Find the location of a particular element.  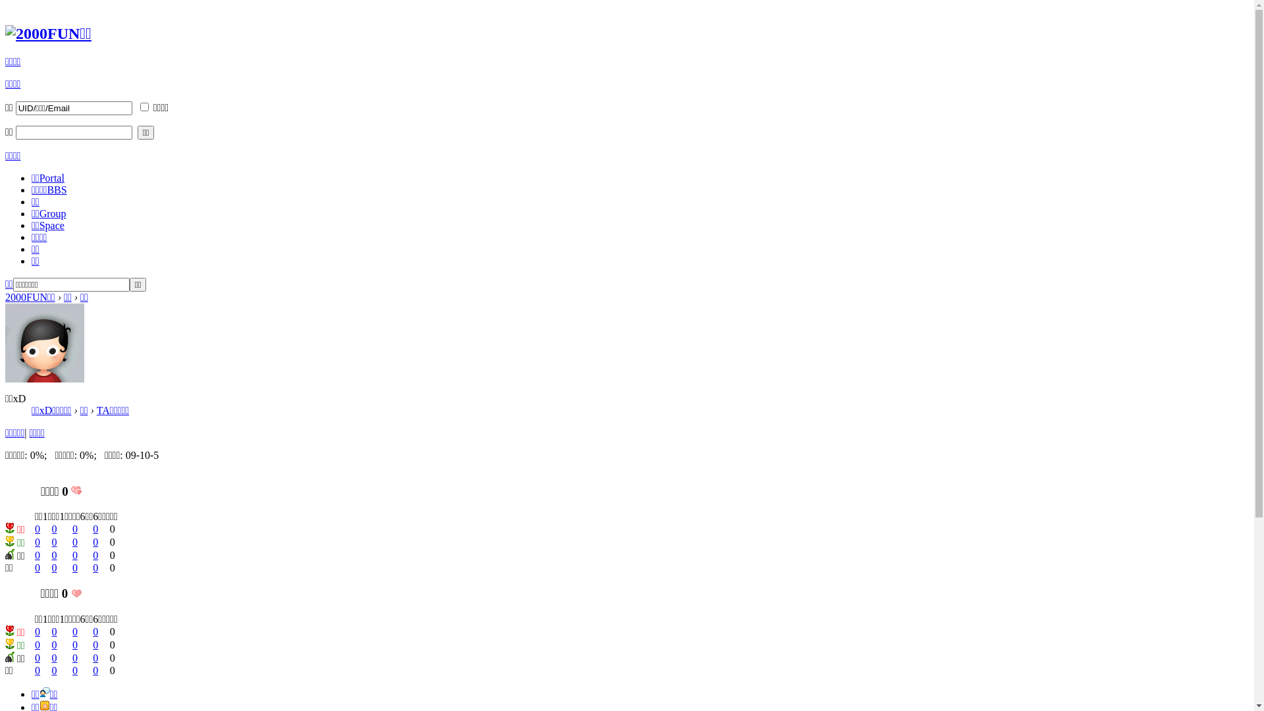

'0' is located at coordinates (38, 670).